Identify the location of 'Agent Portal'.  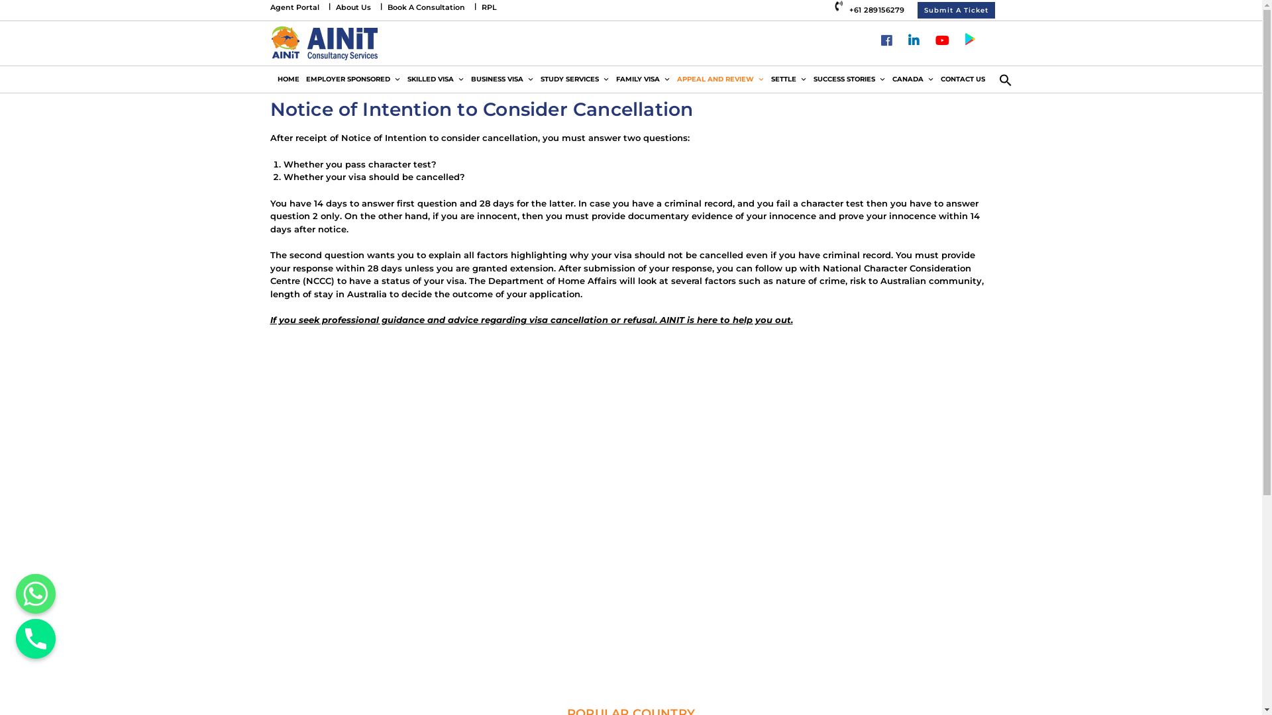
(294, 7).